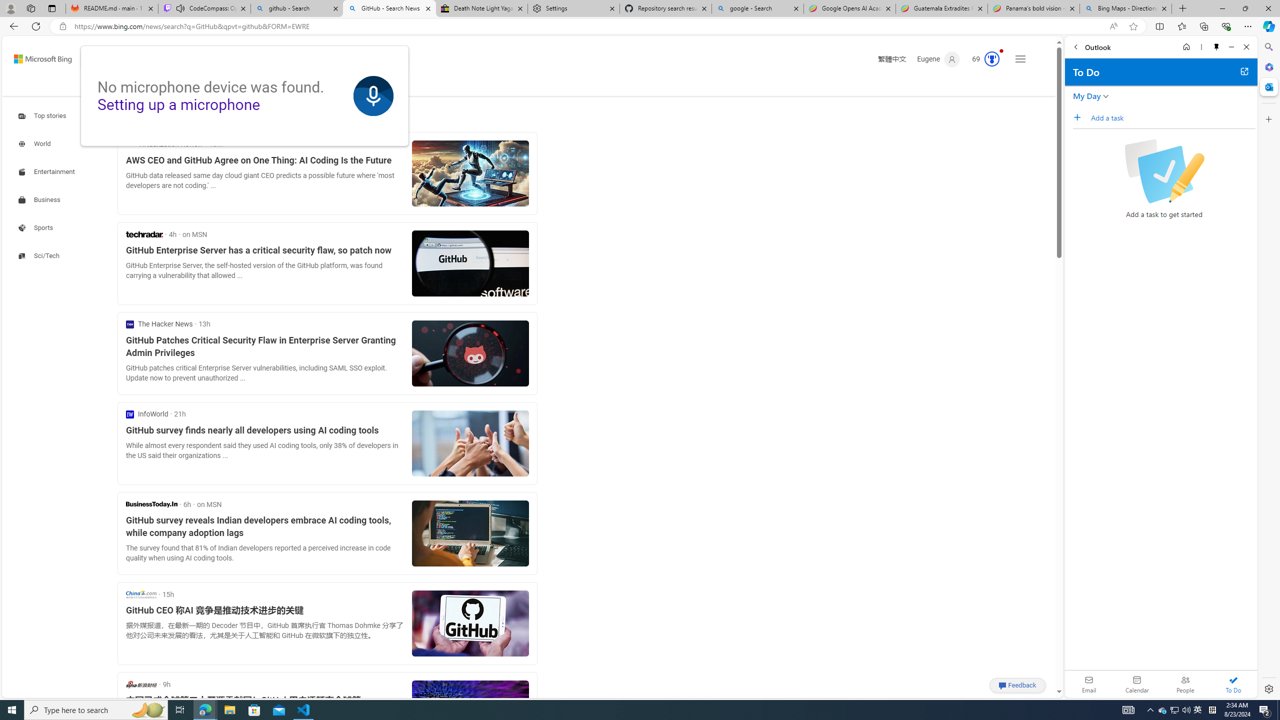  I want to click on 'Search news about Sports', so click(36, 227).